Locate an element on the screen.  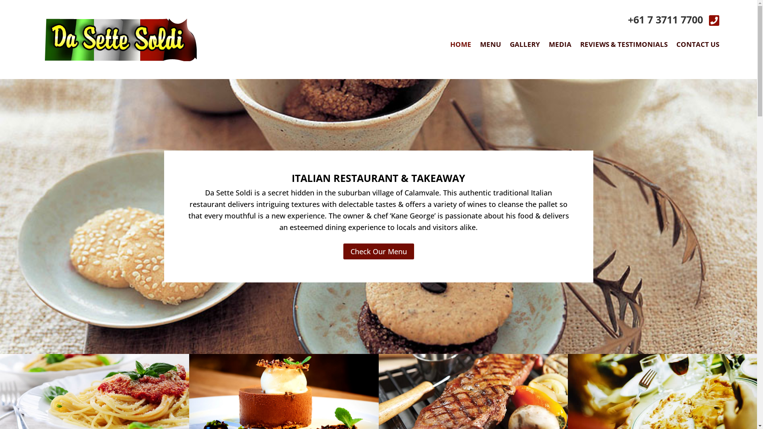
'MENU' is located at coordinates (490, 46).